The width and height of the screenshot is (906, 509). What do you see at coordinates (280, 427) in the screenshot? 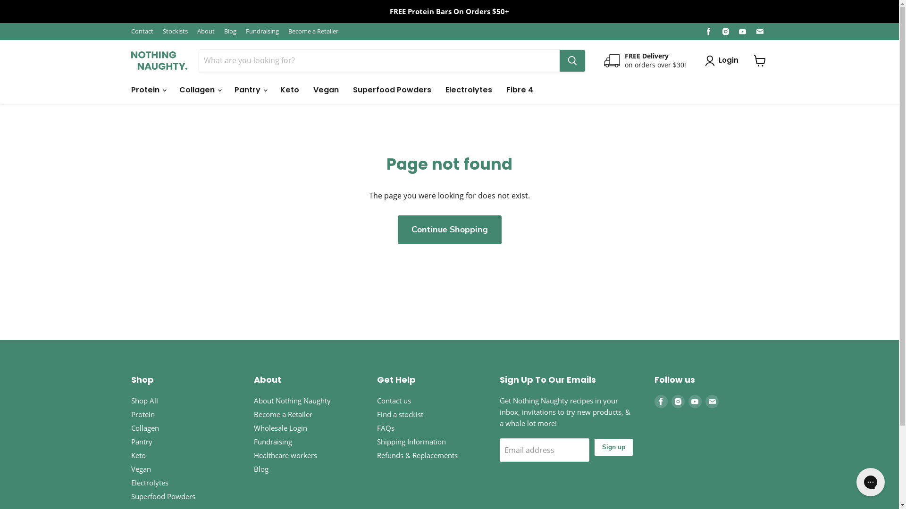
I see `'Wholesale Login'` at bounding box center [280, 427].